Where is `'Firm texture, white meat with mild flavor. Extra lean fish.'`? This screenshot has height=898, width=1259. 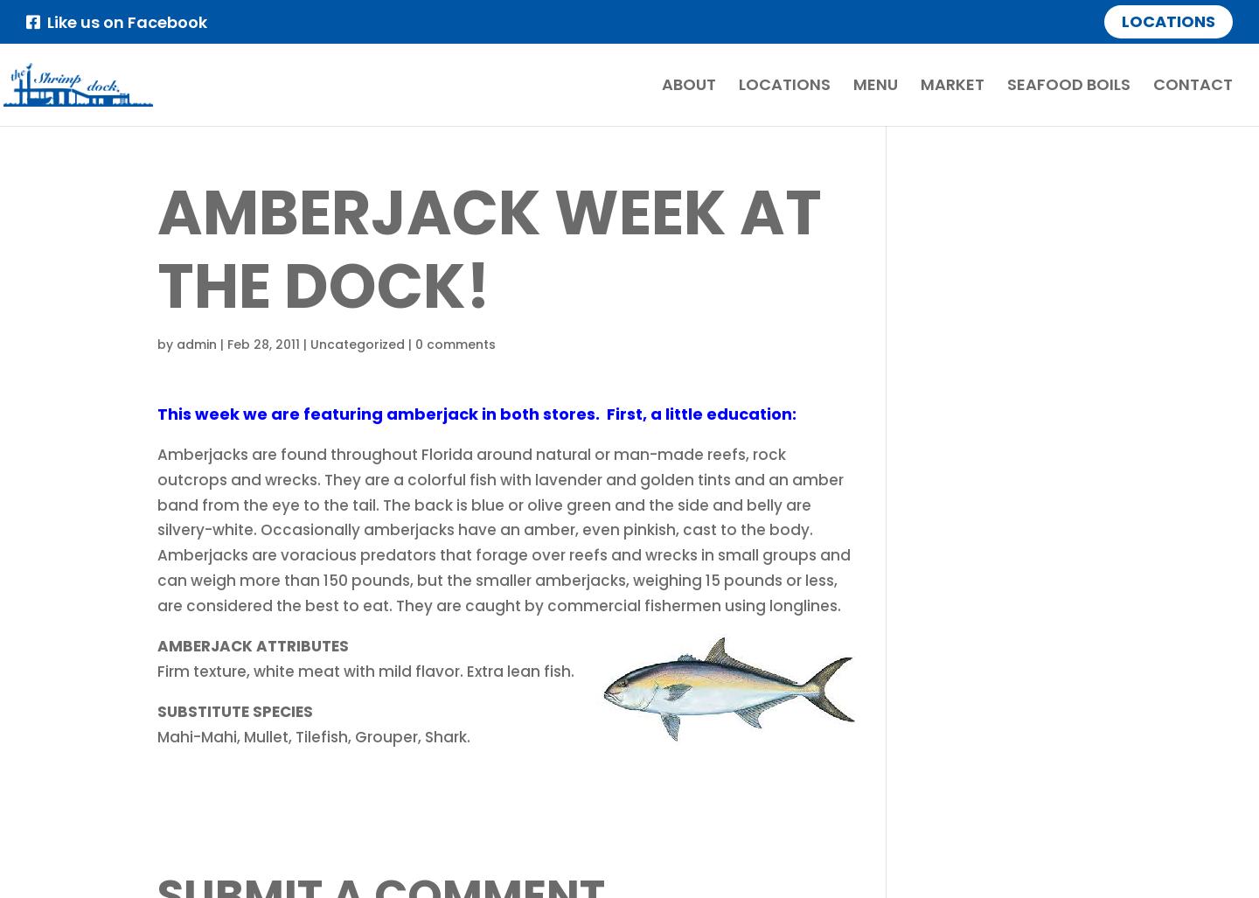 'Firm texture, white meat with mild flavor. Extra lean fish.' is located at coordinates (365, 669).